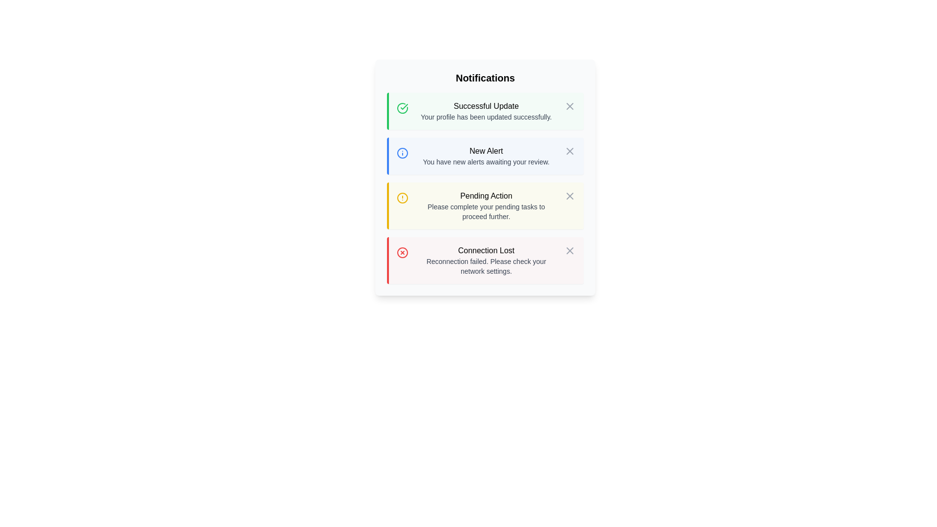 The width and height of the screenshot is (937, 527). Describe the element at coordinates (403, 153) in the screenshot. I see `the blue circular informational icon with a lowercase 'i' in the center` at that location.